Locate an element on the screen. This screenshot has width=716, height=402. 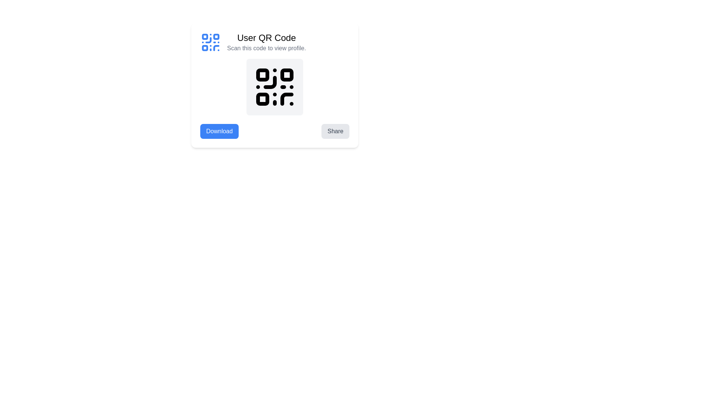
the curved segment of the QR code graphic located on the left side in the upper half, which is a thin black line on a white background is located at coordinates (270, 82).